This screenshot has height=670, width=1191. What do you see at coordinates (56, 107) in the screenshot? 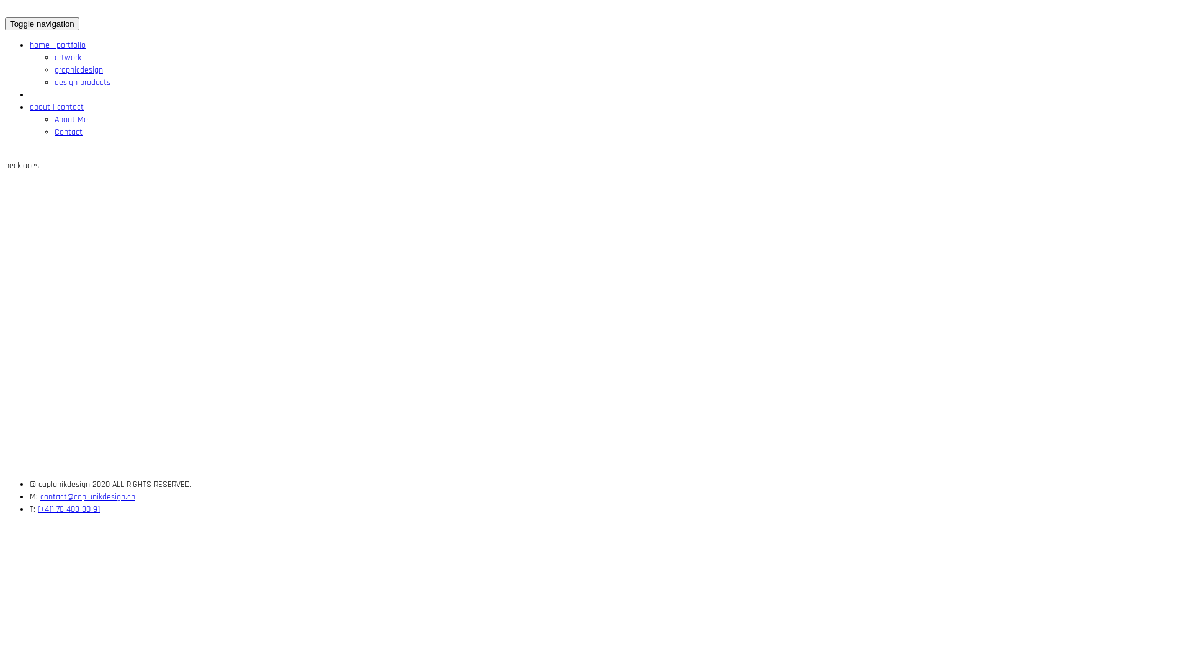
I see `'about | contact'` at bounding box center [56, 107].